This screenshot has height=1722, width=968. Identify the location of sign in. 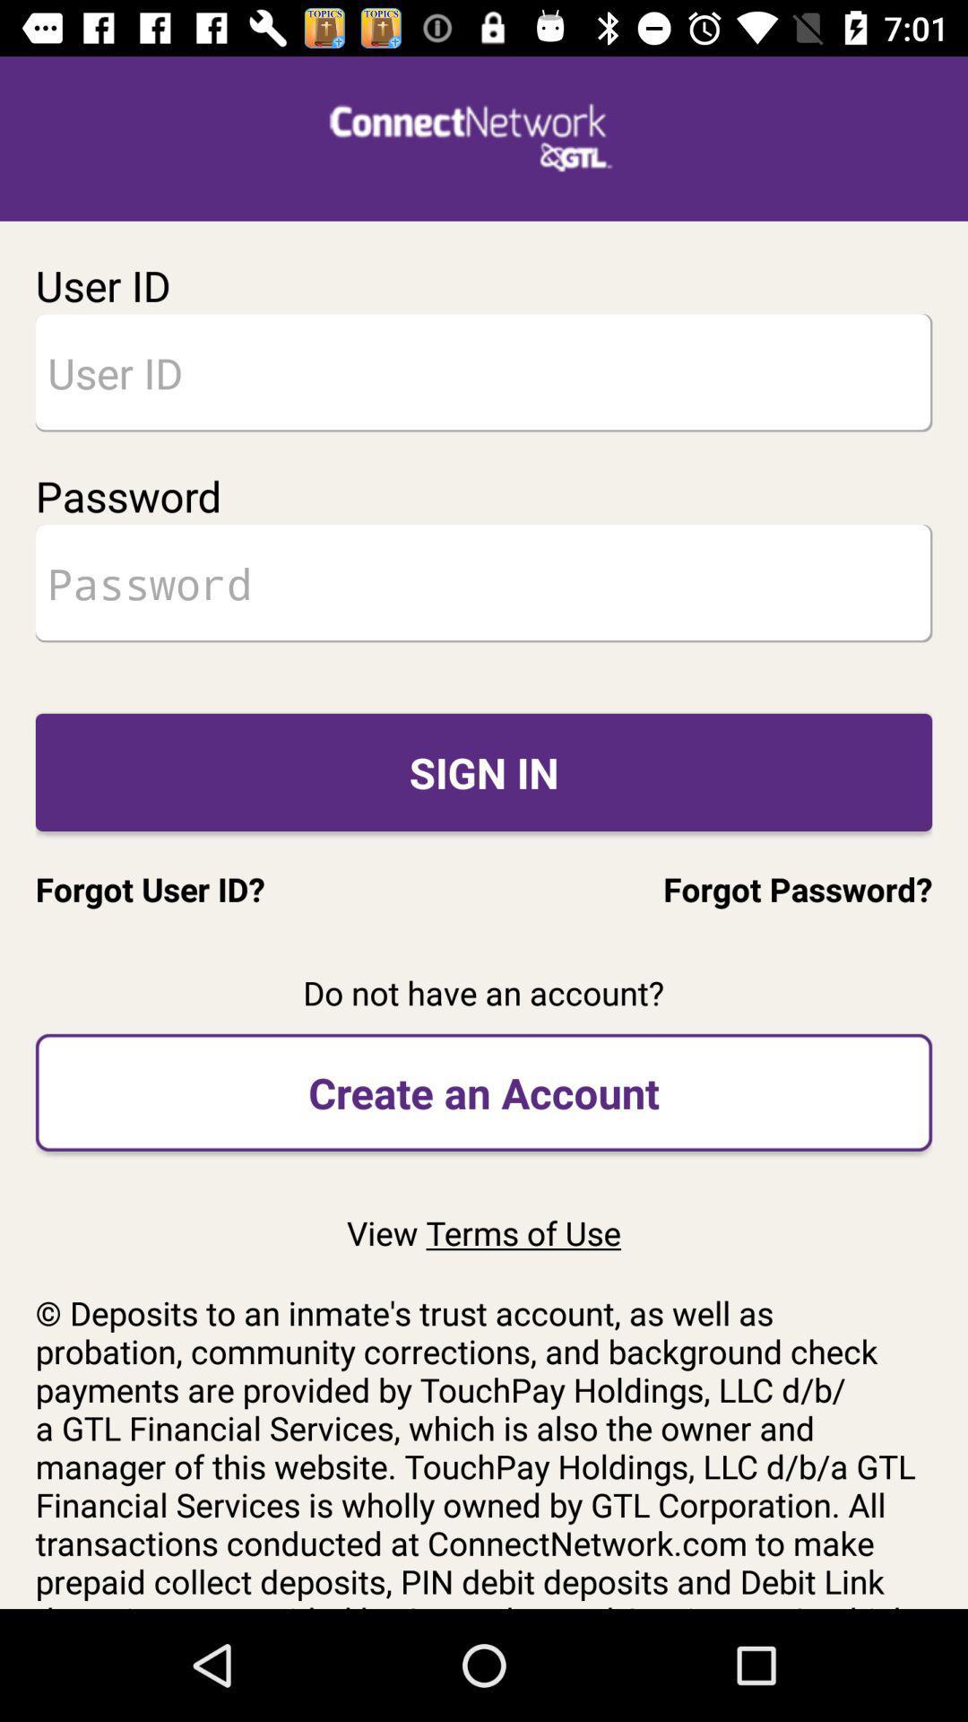
(484, 772).